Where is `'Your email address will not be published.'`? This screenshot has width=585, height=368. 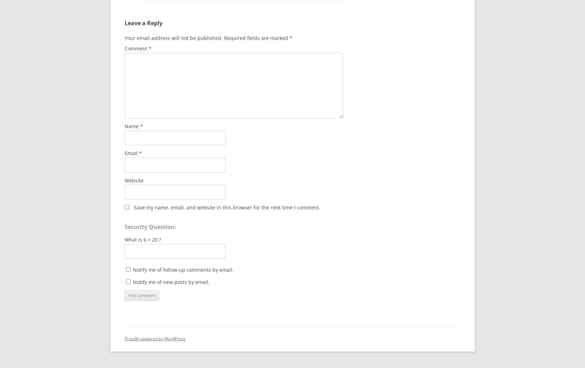
'Your email address will not be published.' is located at coordinates (173, 38).